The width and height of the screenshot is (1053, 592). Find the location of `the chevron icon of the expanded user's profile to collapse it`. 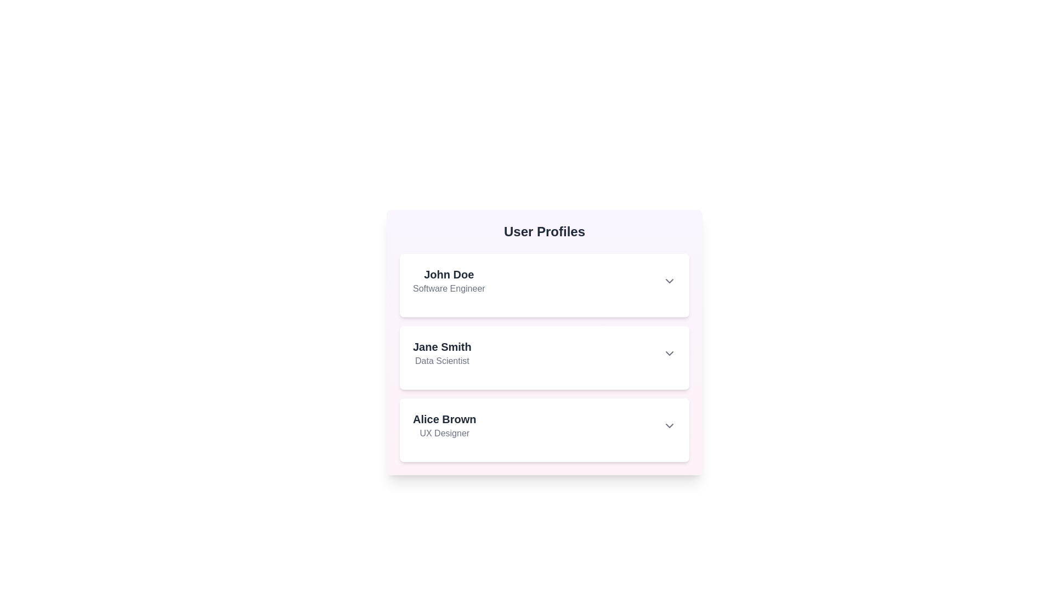

the chevron icon of the expanded user's profile to collapse it is located at coordinates (669, 281).